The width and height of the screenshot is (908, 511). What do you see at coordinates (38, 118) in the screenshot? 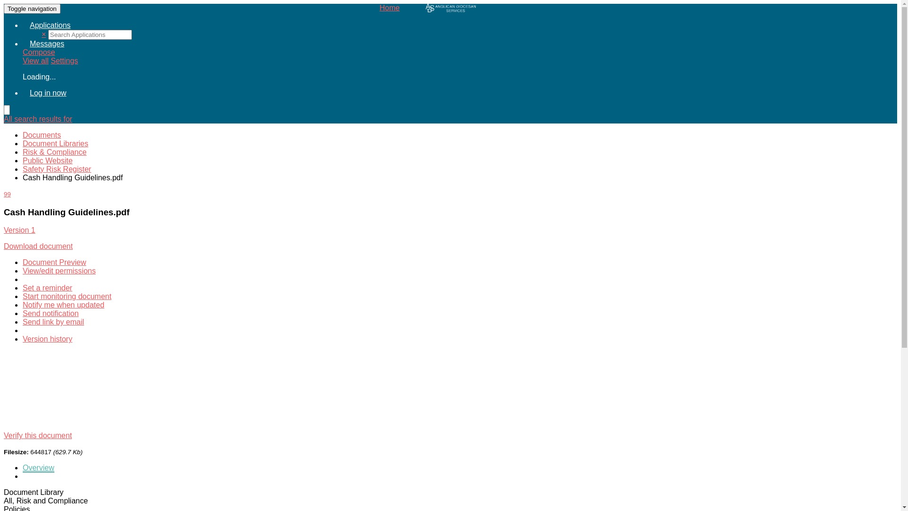
I see `'All search results for'` at bounding box center [38, 118].